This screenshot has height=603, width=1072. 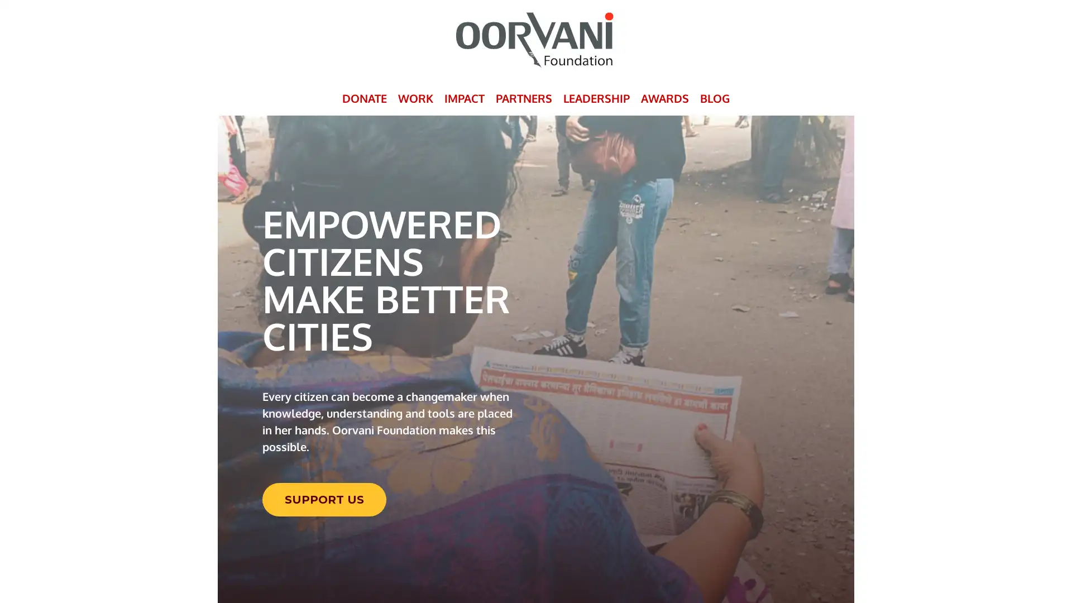 What do you see at coordinates (323, 499) in the screenshot?
I see `SUPPORT US` at bounding box center [323, 499].